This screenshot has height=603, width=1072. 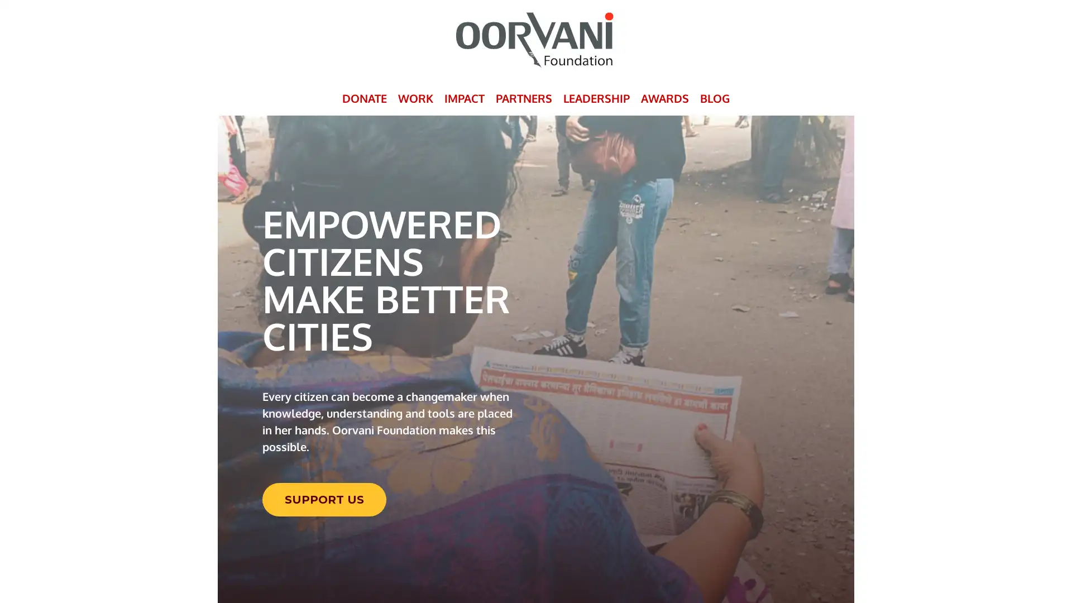 What do you see at coordinates (323, 499) in the screenshot?
I see `SUPPORT US` at bounding box center [323, 499].